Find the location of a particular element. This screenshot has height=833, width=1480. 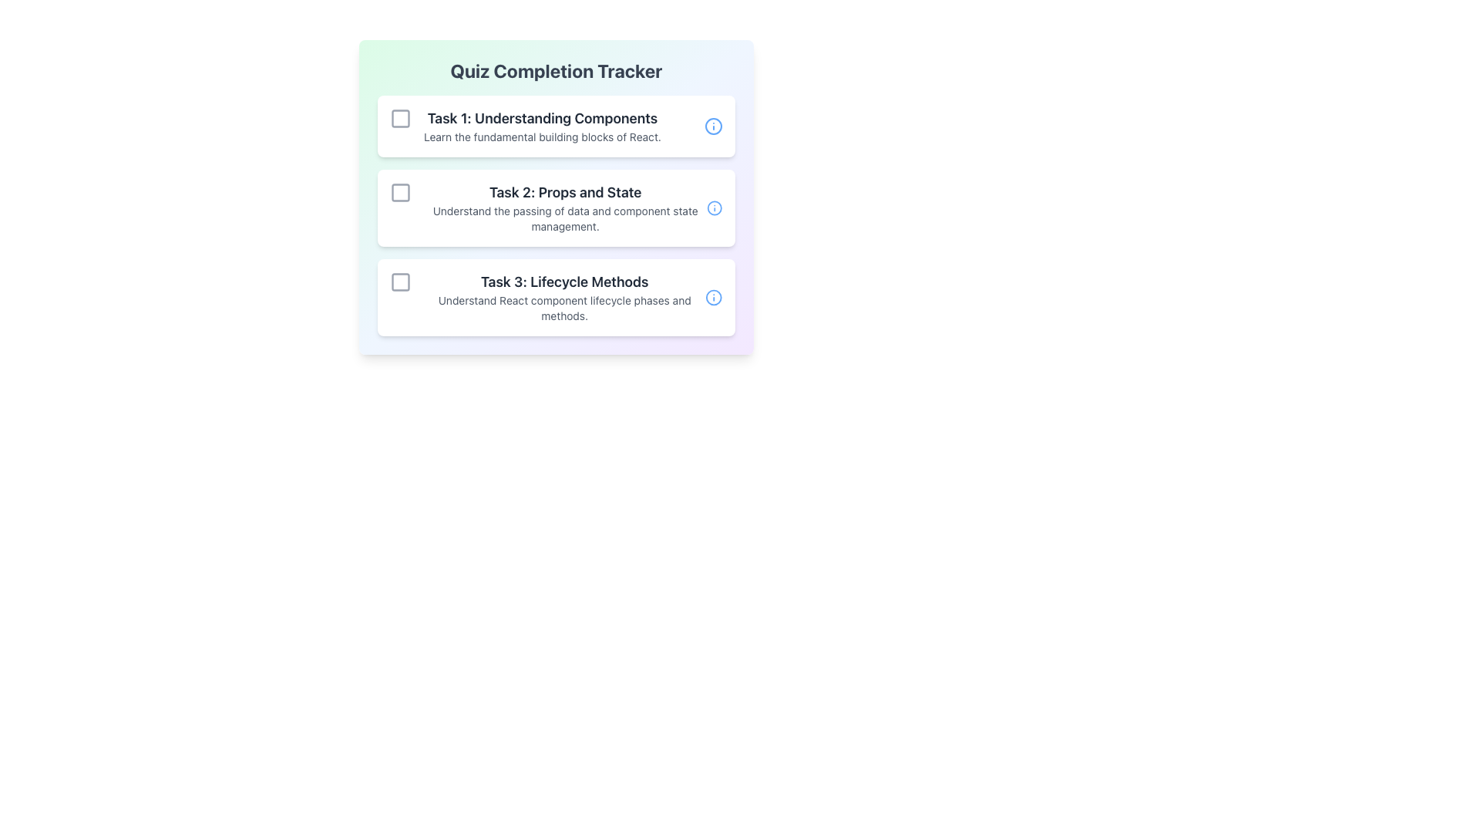

the blue outlined circular SVG Circle that is part of the 'info' icon next to 'Task 1: Understanding Components' for more information is located at coordinates (713, 126).